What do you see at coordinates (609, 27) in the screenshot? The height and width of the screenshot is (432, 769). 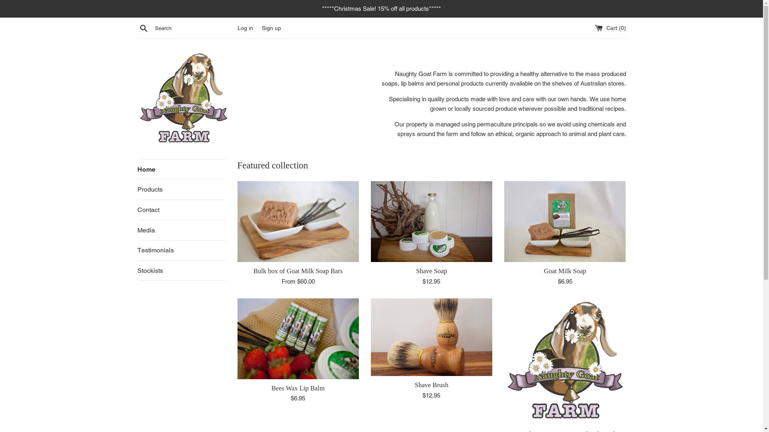 I see `'Cart (0)'` at bounding box center [609, 27].